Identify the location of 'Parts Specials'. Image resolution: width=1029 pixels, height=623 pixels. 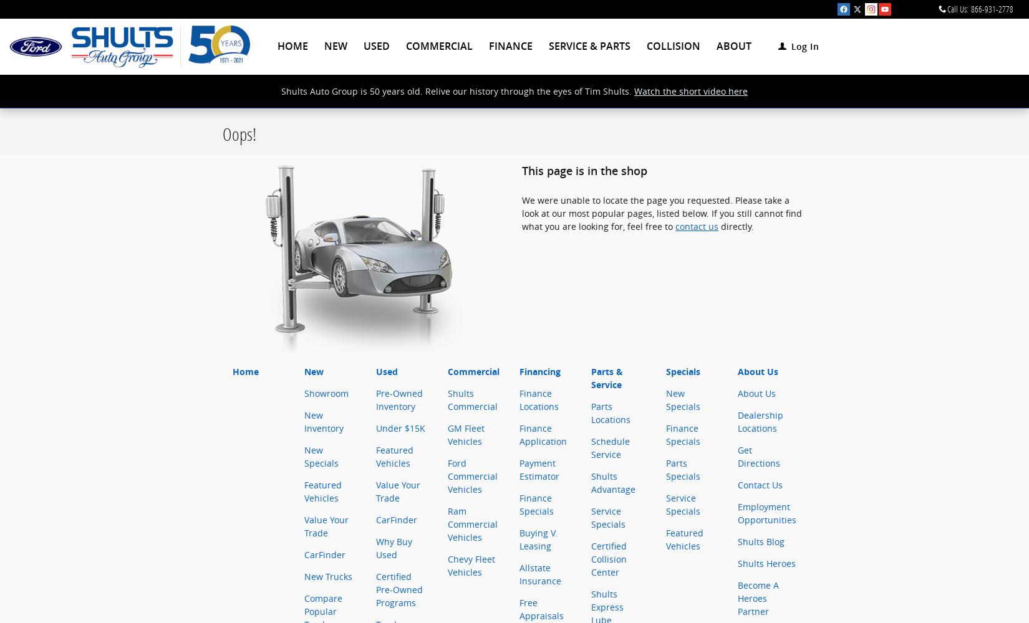
(666, 470).